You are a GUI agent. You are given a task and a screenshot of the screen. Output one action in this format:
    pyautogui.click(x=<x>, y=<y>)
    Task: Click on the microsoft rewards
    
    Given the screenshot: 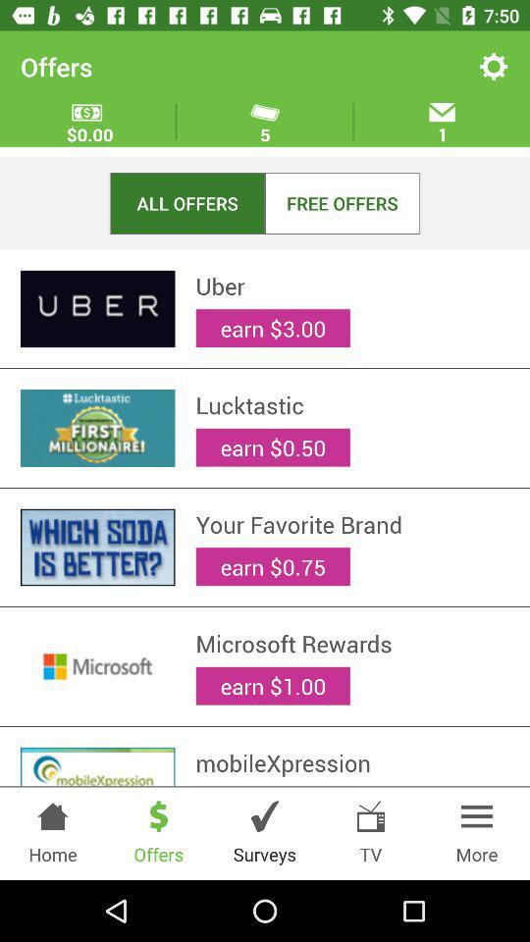 What is the action you would take?
    pyautogui.click(x=351, y=643)
    